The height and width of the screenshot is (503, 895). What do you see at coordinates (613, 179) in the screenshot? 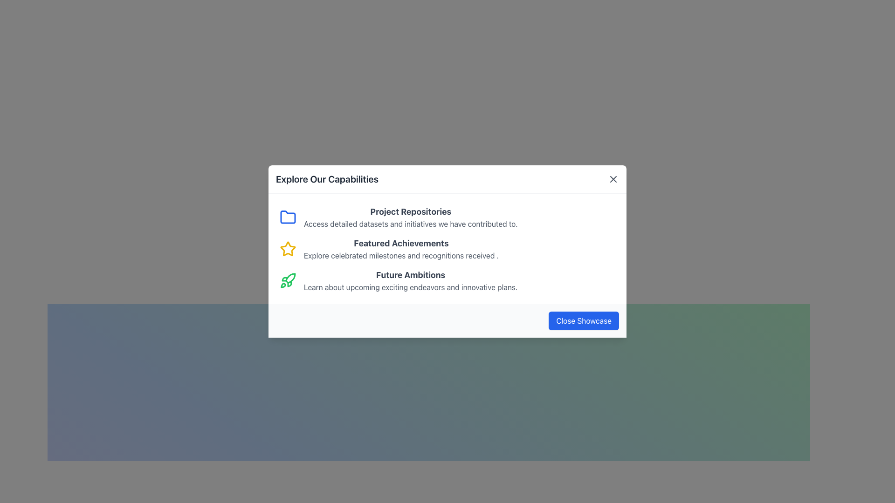
I see `the small gray button with an 'X' icon located at the top-right corner of the dialog box labeled 'Explore Our Capabilities'` at bounding box center [613, 179].